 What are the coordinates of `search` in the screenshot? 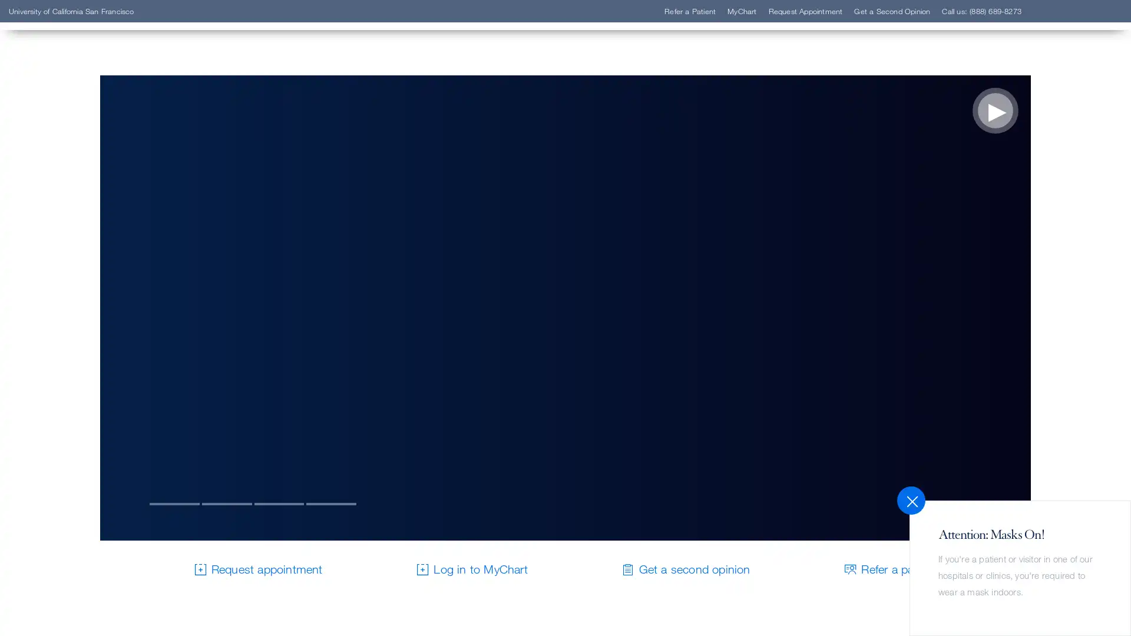 It's located at (710, 78).